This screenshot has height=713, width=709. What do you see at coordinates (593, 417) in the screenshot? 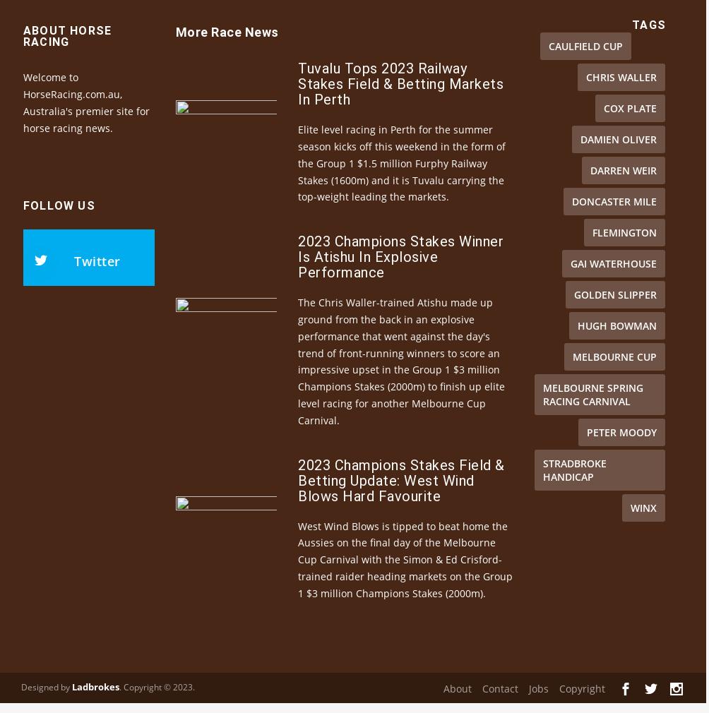
I see `'Melbourne Spring Racing Carnival'` at bounding box center [593, 417].